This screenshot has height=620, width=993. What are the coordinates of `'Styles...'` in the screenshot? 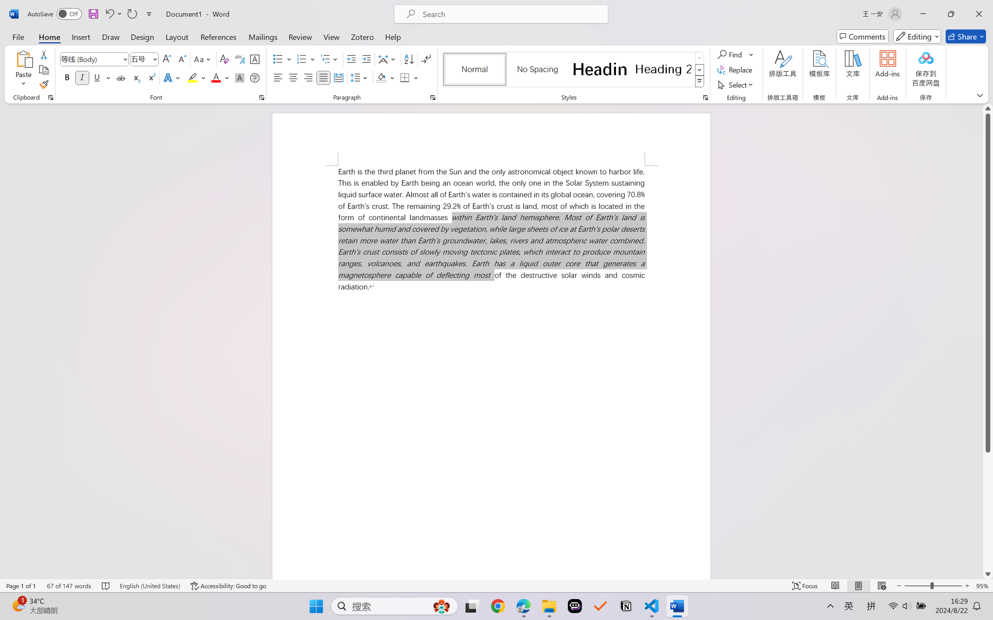 It's located at (705, 97).